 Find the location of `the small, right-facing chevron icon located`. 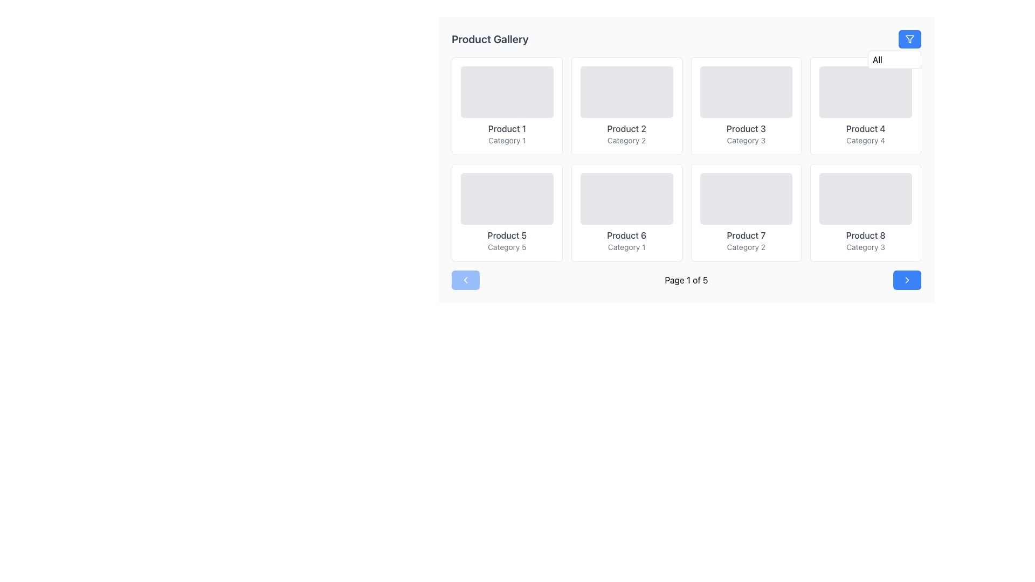

the small, right-facing chevron icon located is located at coordinates (907, 280).